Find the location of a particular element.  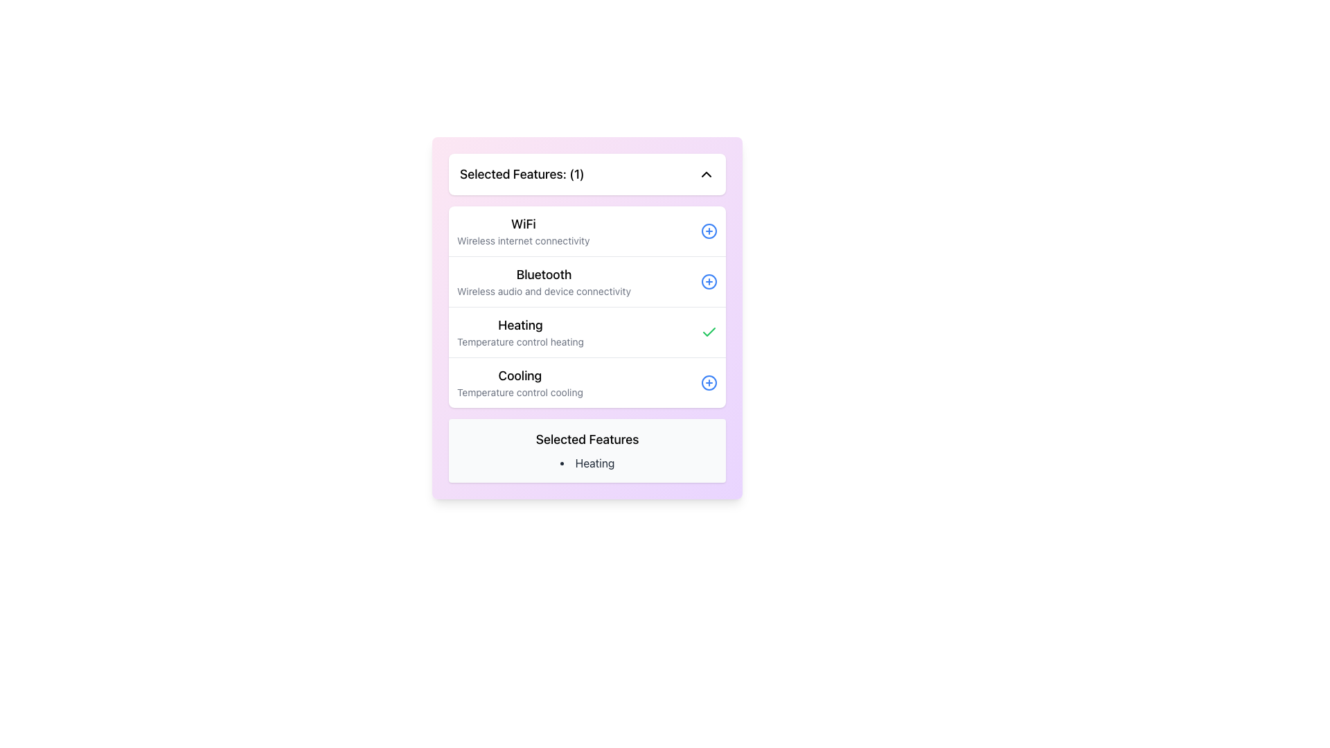

the Text Label element containing the phrase 'Temperature control heating', which is positioned directly below the 'Heating' title is located at coordinates (520, 341).